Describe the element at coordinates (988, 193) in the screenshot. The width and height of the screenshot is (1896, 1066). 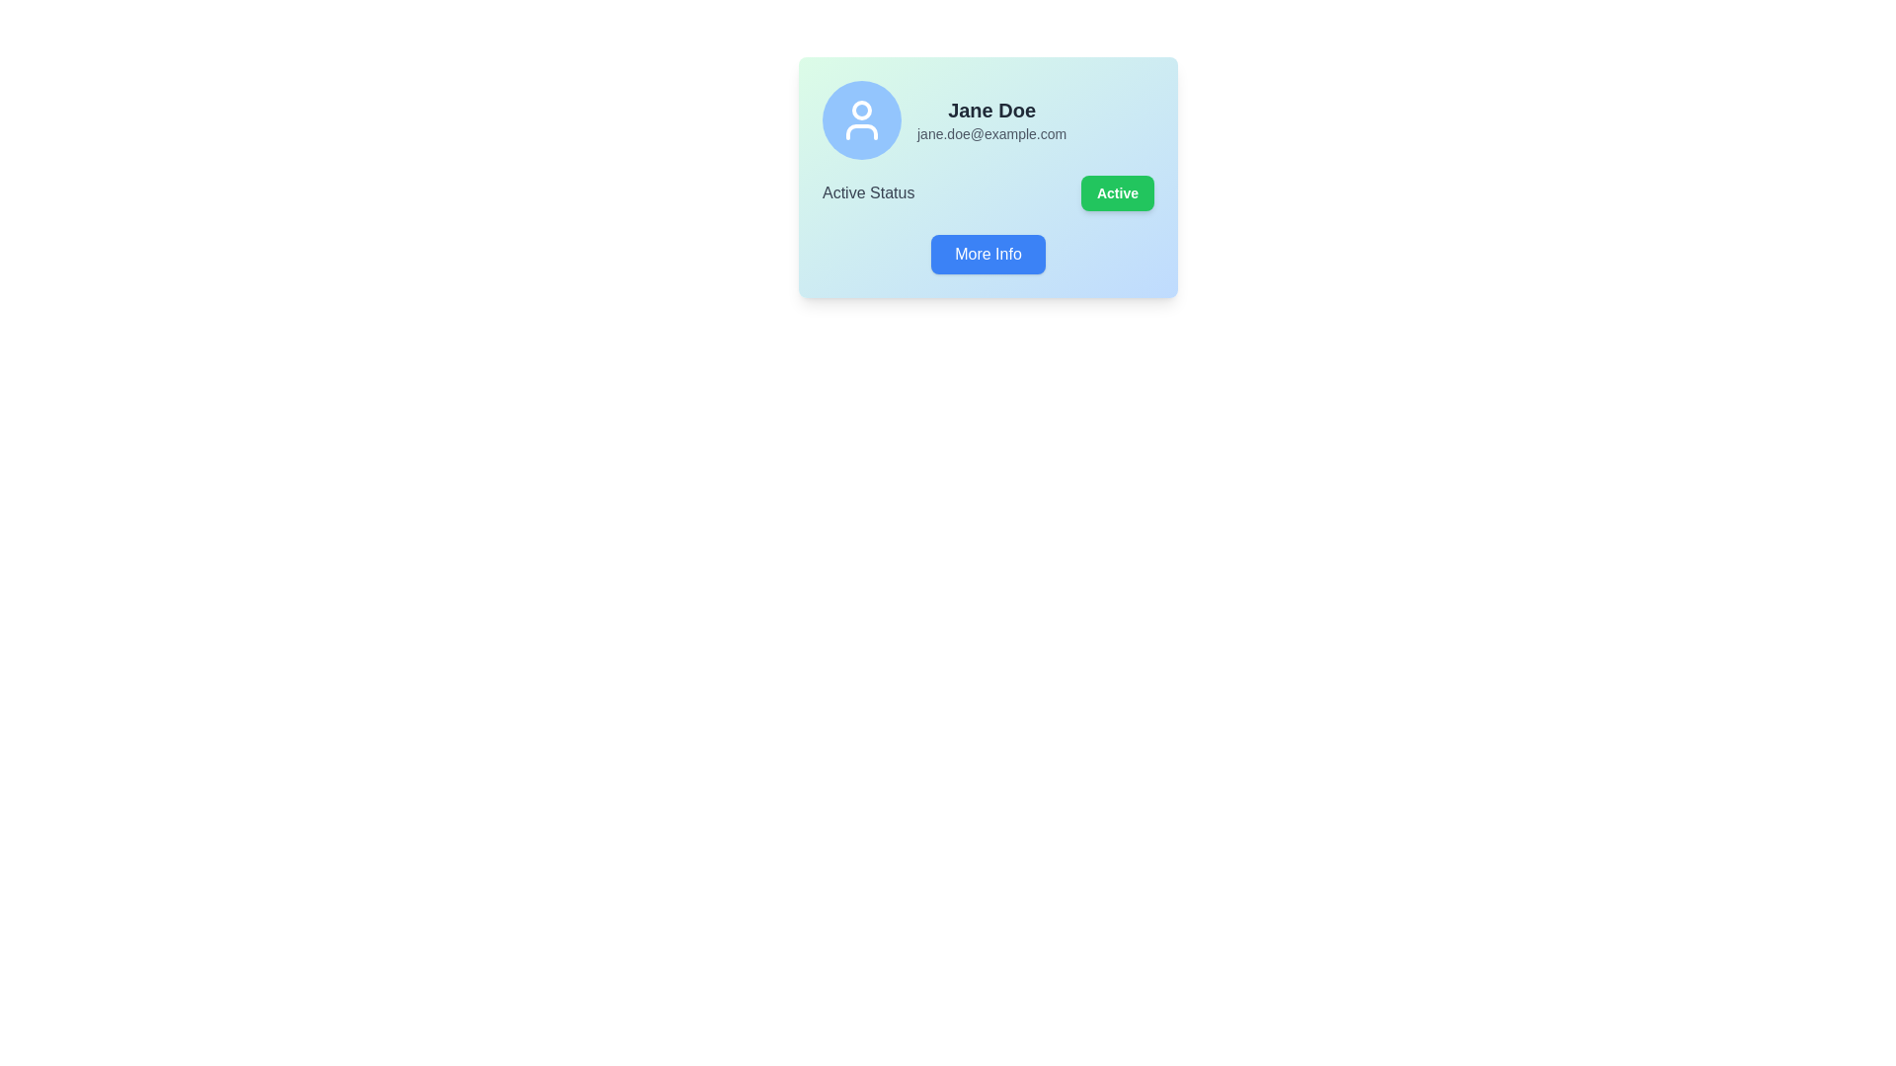
I see `the 'Active' button located within the 'Active Status' composite element` at that location.